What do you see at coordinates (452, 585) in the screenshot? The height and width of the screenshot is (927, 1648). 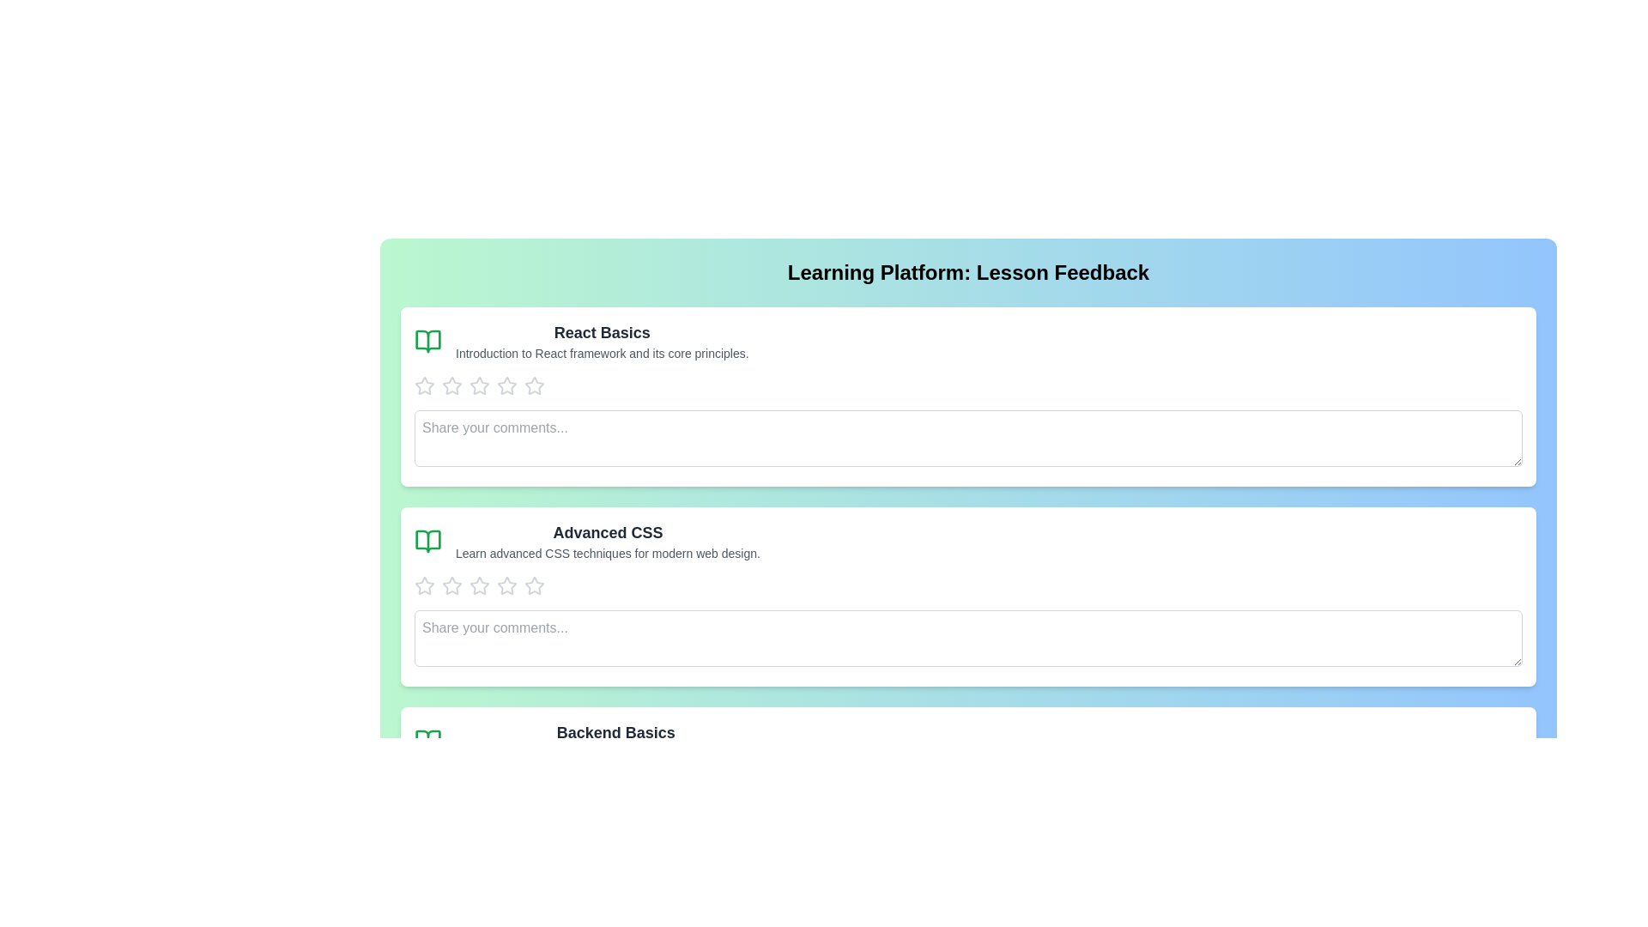 I see `the first star-shaped rating icon under the 'Advanced CSS' section to rate it` at bounding box center [452, 585].